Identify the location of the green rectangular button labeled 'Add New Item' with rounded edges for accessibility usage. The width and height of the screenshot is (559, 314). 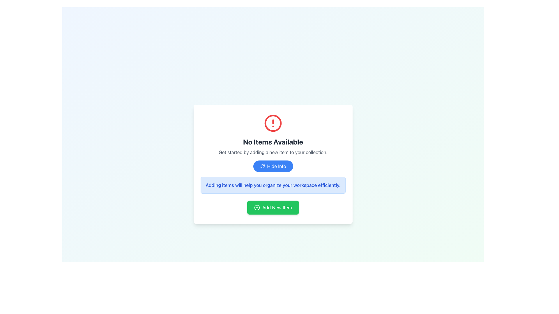
(273, 207).